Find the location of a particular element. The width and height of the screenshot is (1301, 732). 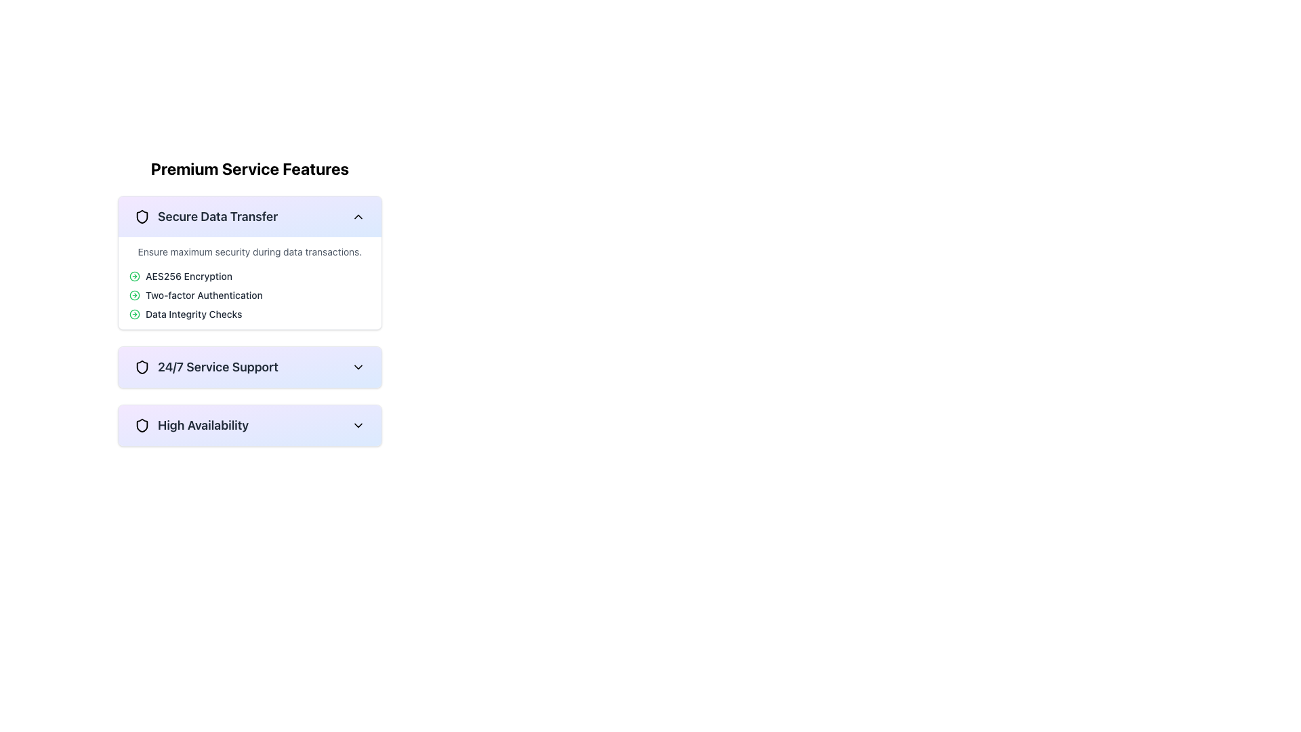

text of the descriptive header with a shield-like icon that states 'Secure Data Transfer', located in the first section of the 'Premium Service Features' list is located at coordinates (205, 216).